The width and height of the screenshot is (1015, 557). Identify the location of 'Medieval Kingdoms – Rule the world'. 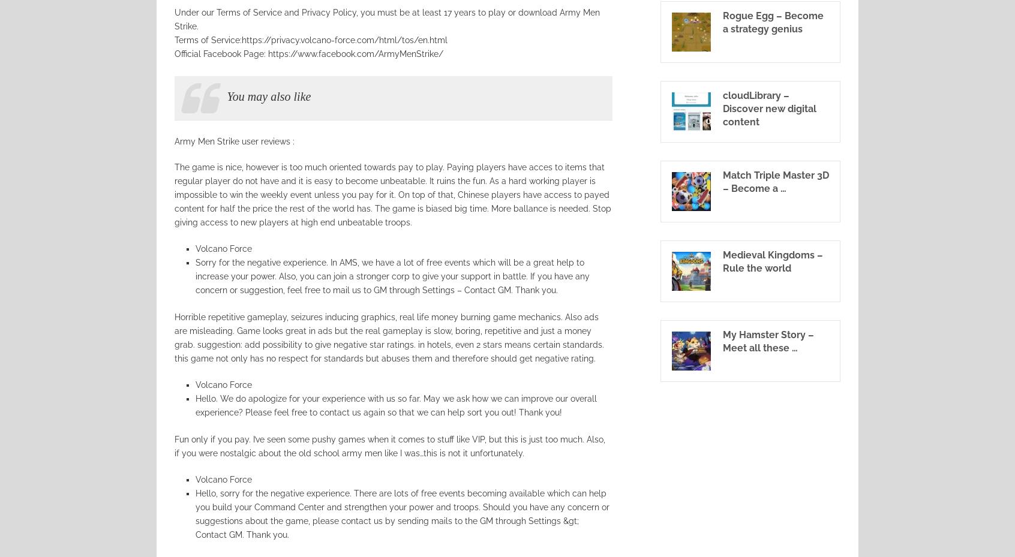
(772, 261).